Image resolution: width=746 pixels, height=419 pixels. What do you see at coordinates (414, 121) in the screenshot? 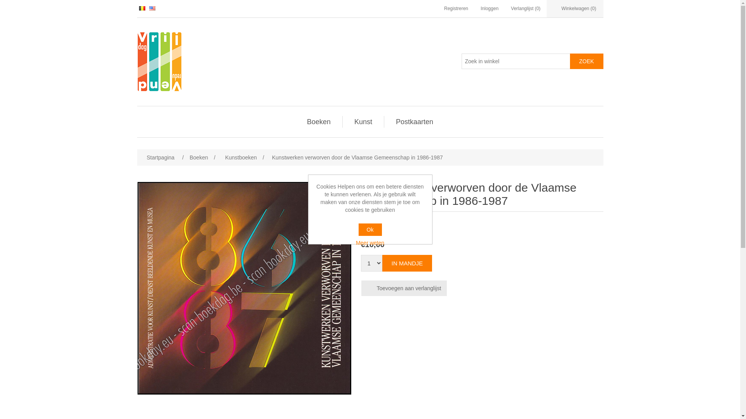
I see `'Postkaarten'` at bounding box center [414, 121].